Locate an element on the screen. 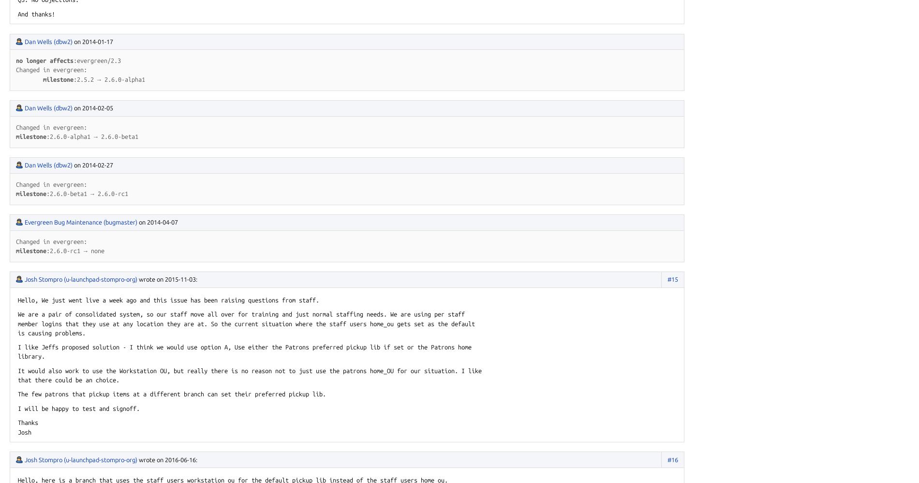 This screenshot has width=919, height=483. '2.6.0-beta1 → 2.6.0-rc1' is located at coordinates (89, 193).